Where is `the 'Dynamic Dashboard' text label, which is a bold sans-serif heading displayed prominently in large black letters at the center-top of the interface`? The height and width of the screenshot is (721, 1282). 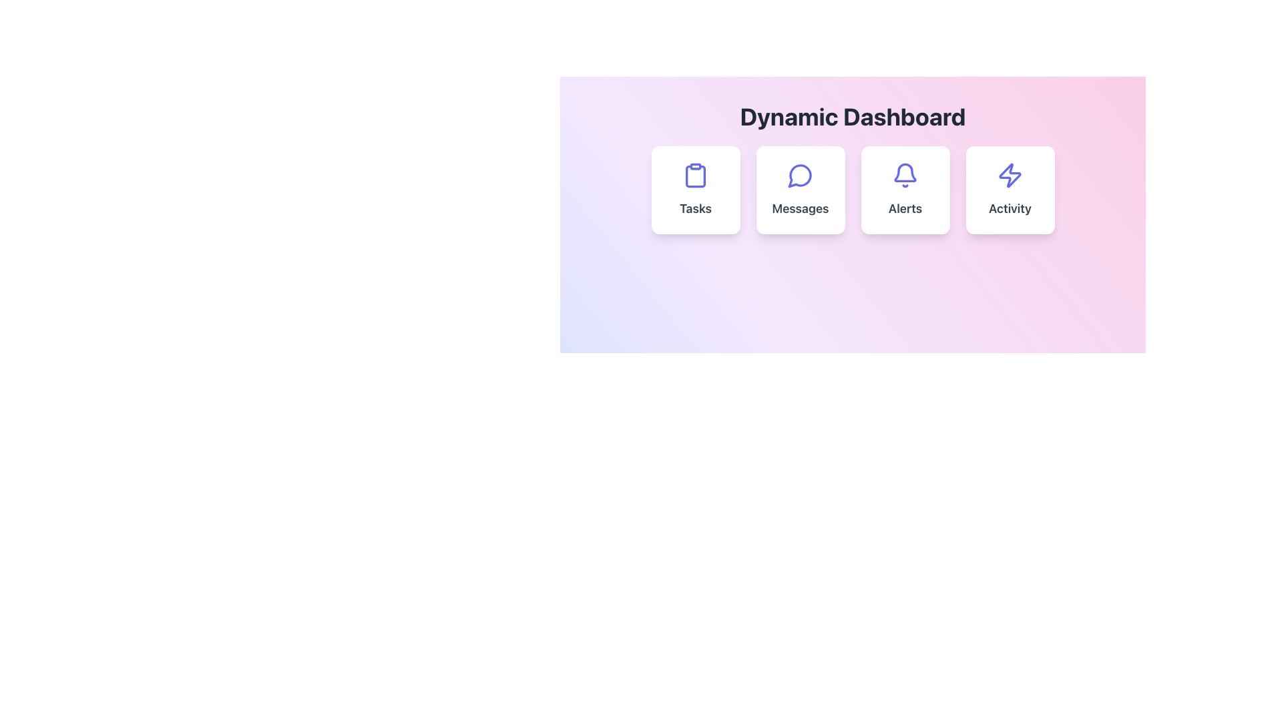
the 'Dynamic Dashboard' text label, which is a bold sans-serif heading displayed prominently in large black letters at the center-top of the interface is located at coordinates (852, 115).